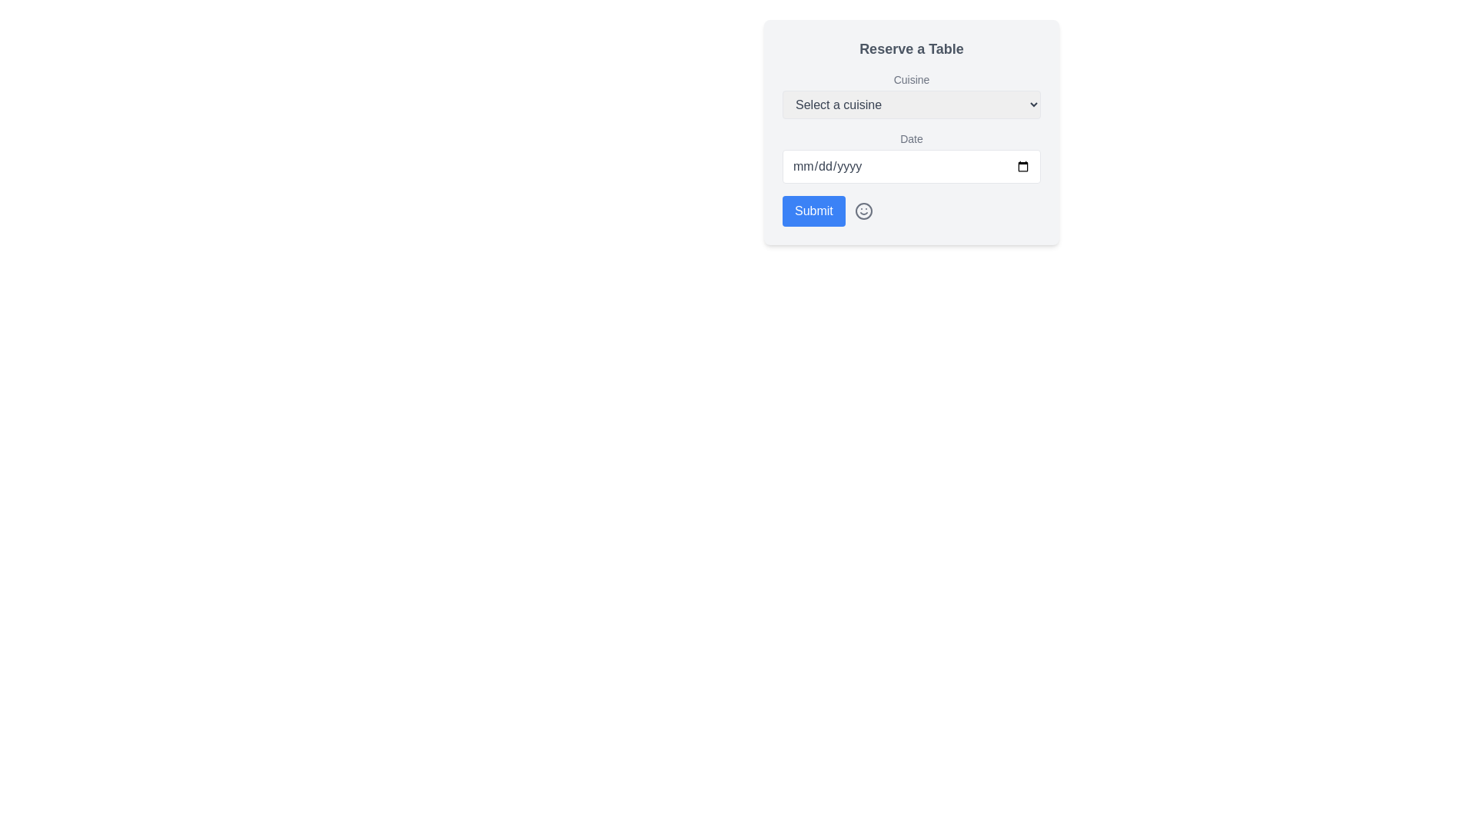  Describe the element at coordinates (911, 95) in the screenshot. I see `the dropdown arrow of the cuisine type selection menu located below the 'Reserve a Table' title and above the 'Date' section` at that location.